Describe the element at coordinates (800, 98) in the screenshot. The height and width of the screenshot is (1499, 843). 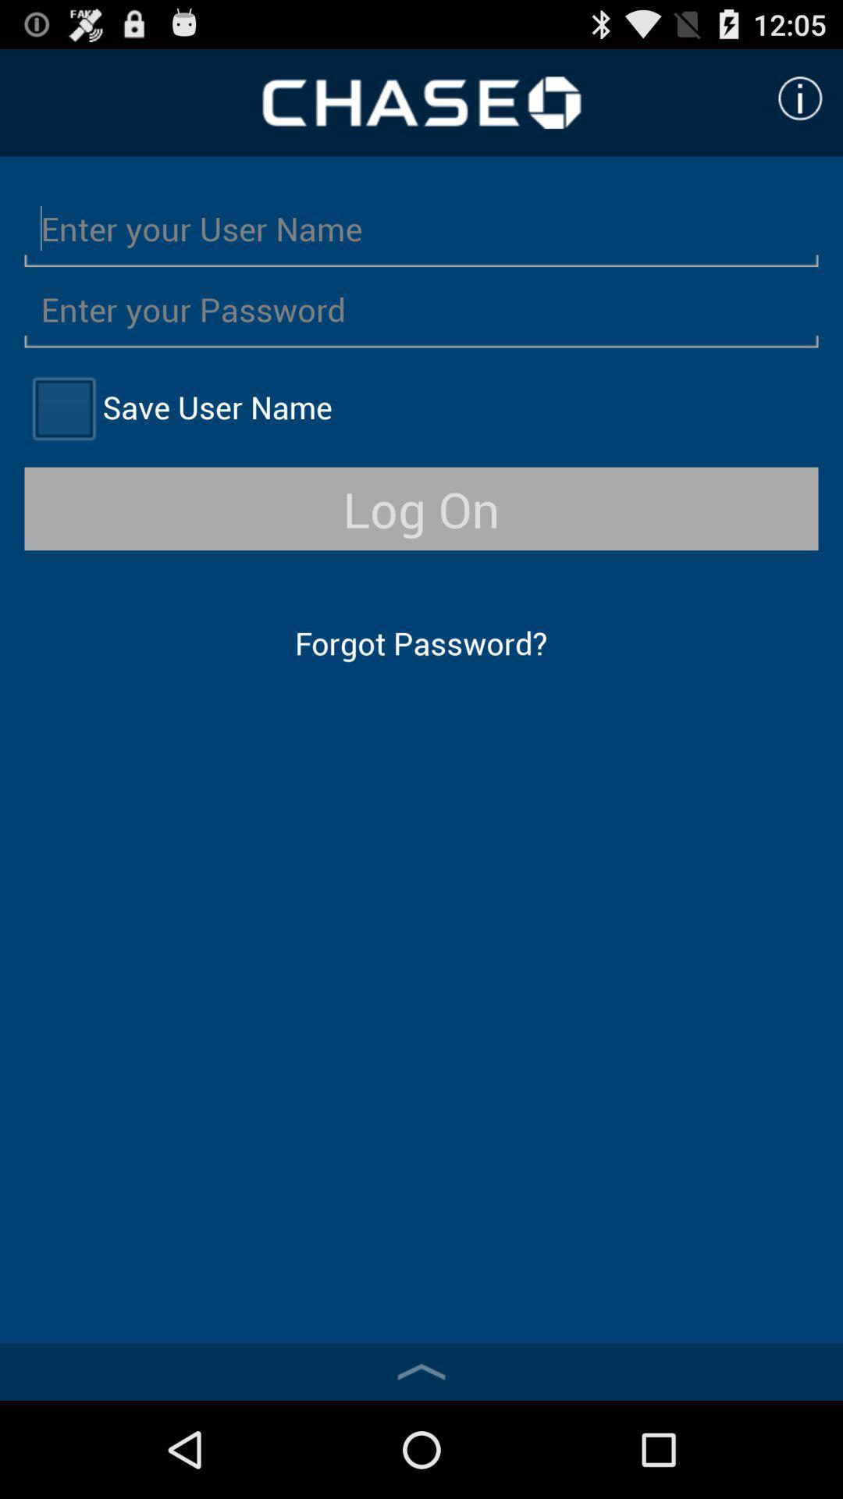
I see `help option` at that location.